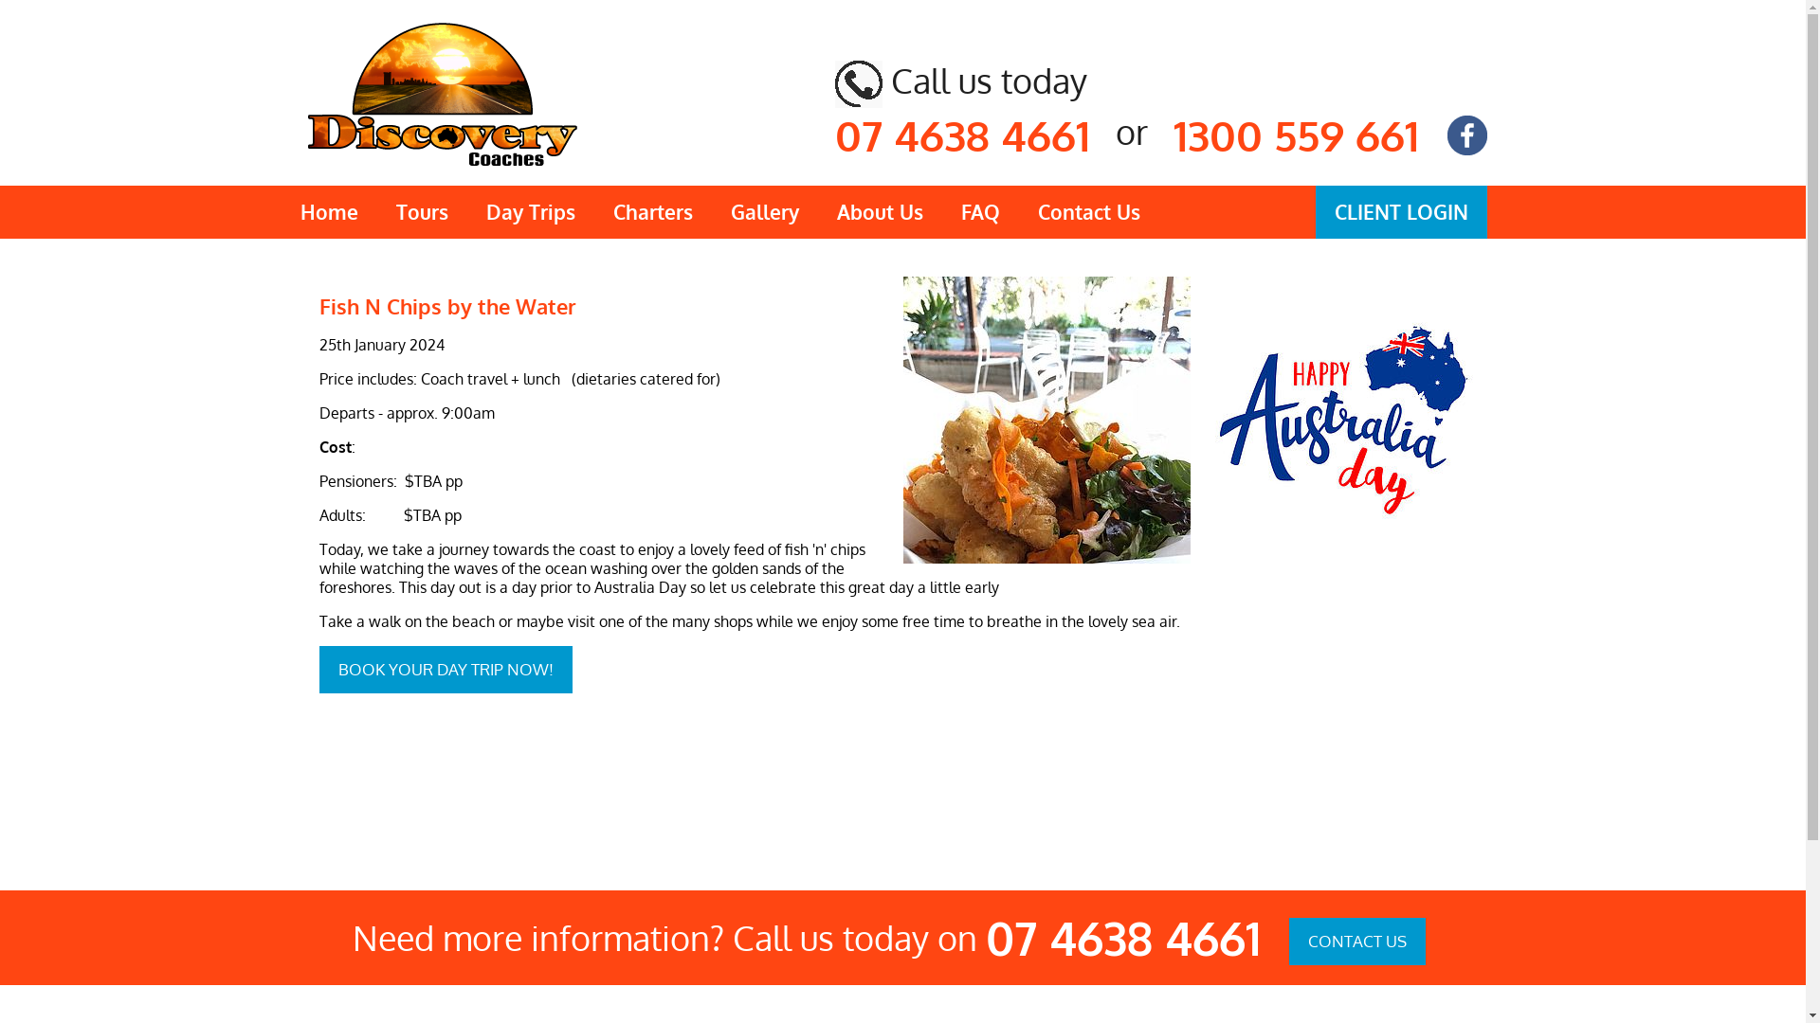  What do you see at coordinates (529, 211) in the screenshot?
I see `'Day Trips'` at bounding box center [529, 211].